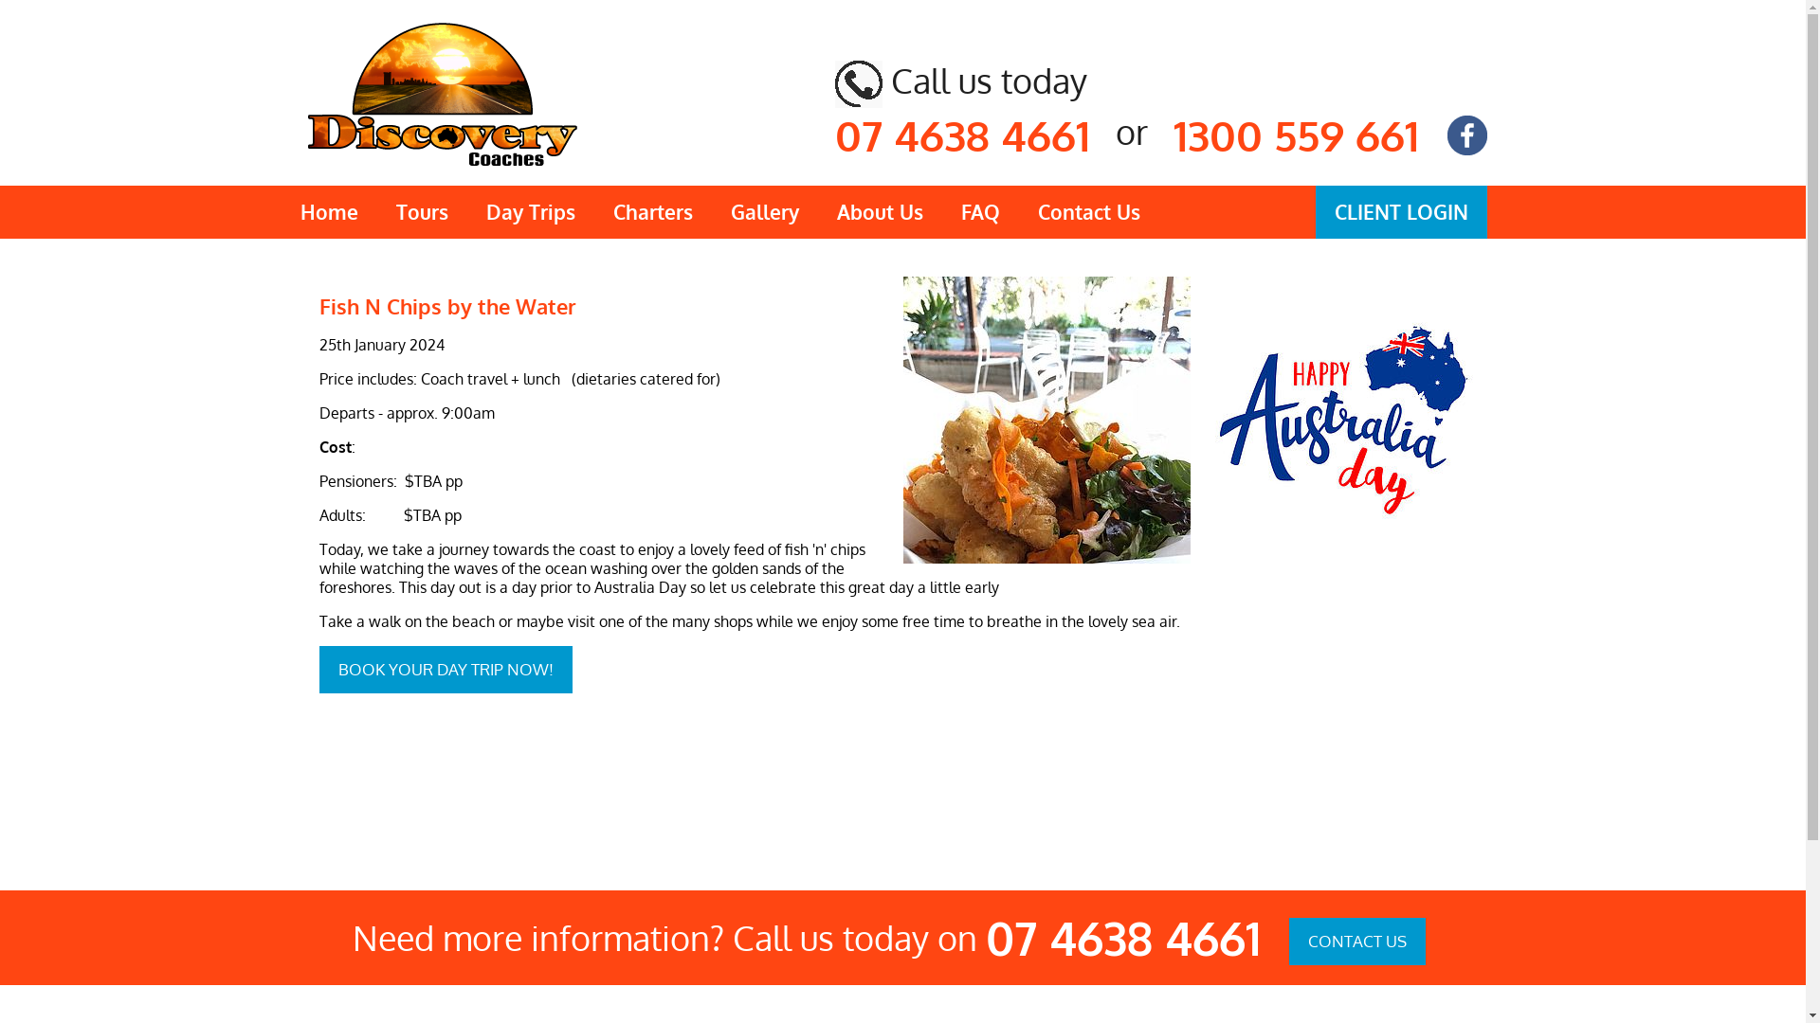  What do you see at coordinates (529, 211) in the screenshot?
I see `'Day Trips'` at bounding box center [529, 211].